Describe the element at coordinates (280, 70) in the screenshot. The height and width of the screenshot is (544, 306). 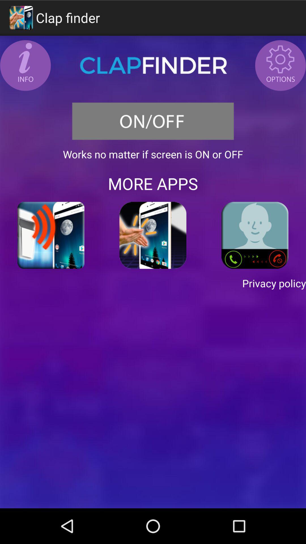
I see `the avatar icon` at that location.